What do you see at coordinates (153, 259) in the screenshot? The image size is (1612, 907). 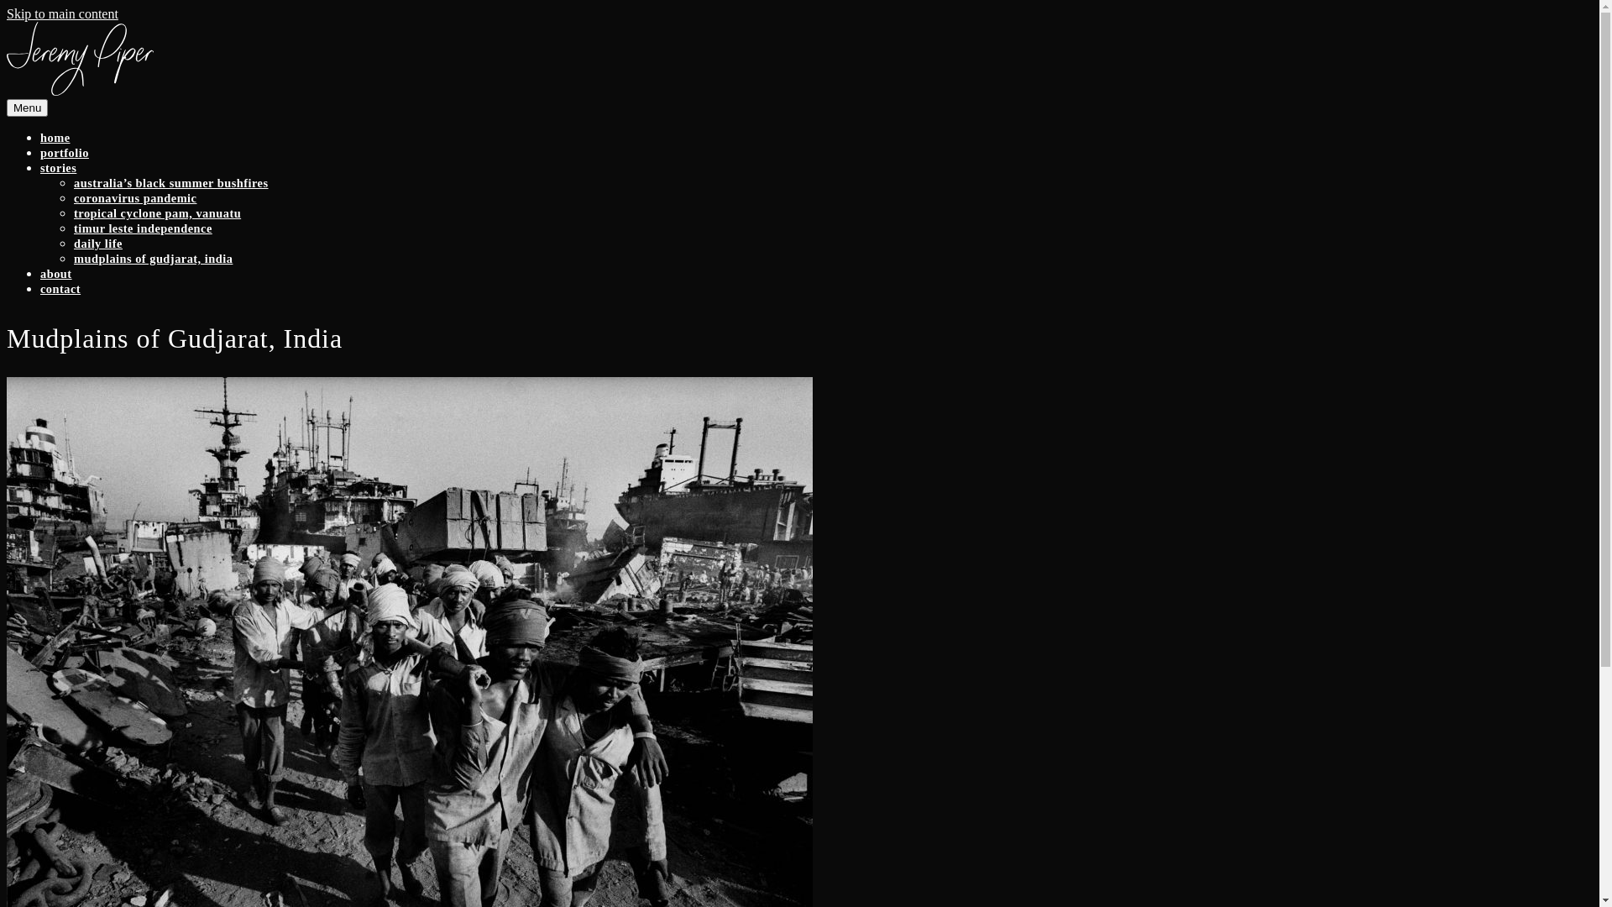 I see `'mudplains of gudjarat, india'` at bounding box center [153, 259].